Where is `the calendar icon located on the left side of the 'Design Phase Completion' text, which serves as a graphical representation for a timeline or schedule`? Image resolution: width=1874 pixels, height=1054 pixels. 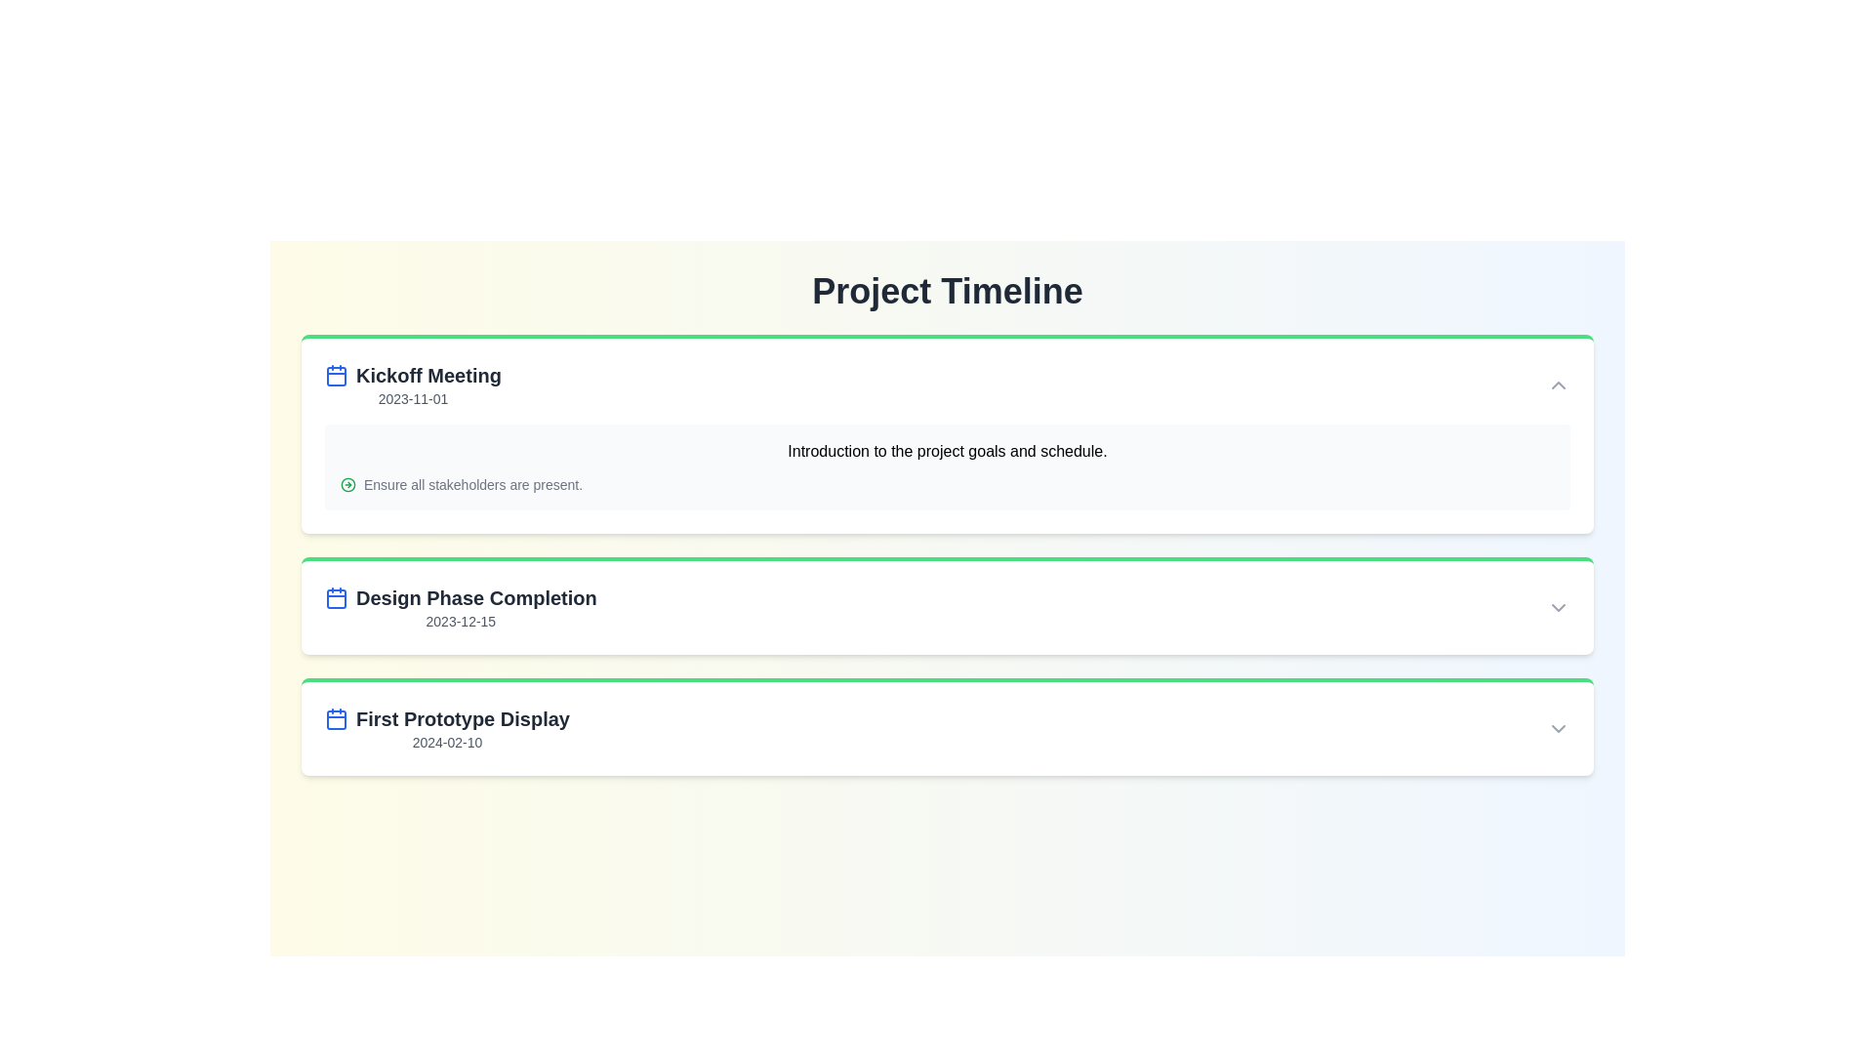
the calendar icon located on the left side of the 'Design Phase Completion' text, which serves as a graphical representation for a timeline or schedule is located at coordinates (337, 597).